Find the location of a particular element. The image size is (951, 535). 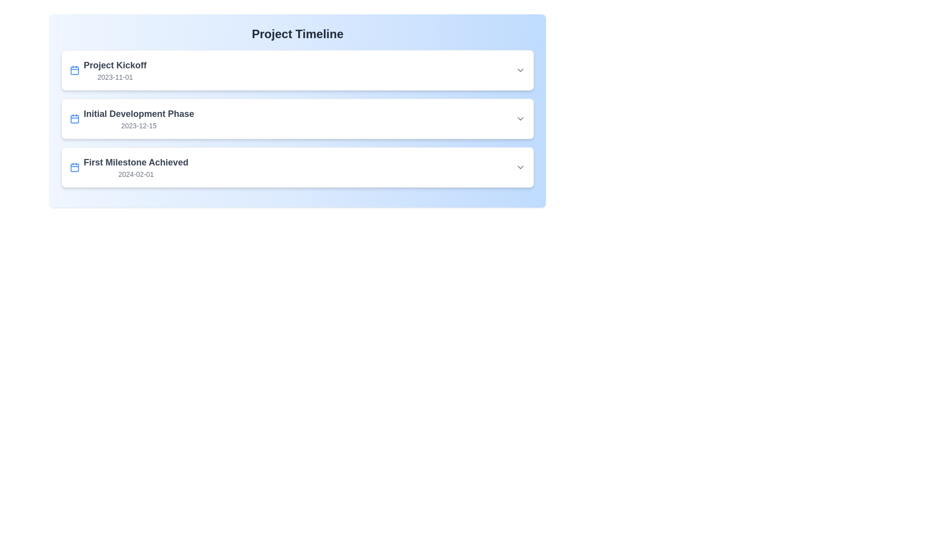

the text component displaying the date '2023-11-01', which is styled in a smaller gray font and located directly below the 'Project Kickoff' title is located at coordinates (115, 76).